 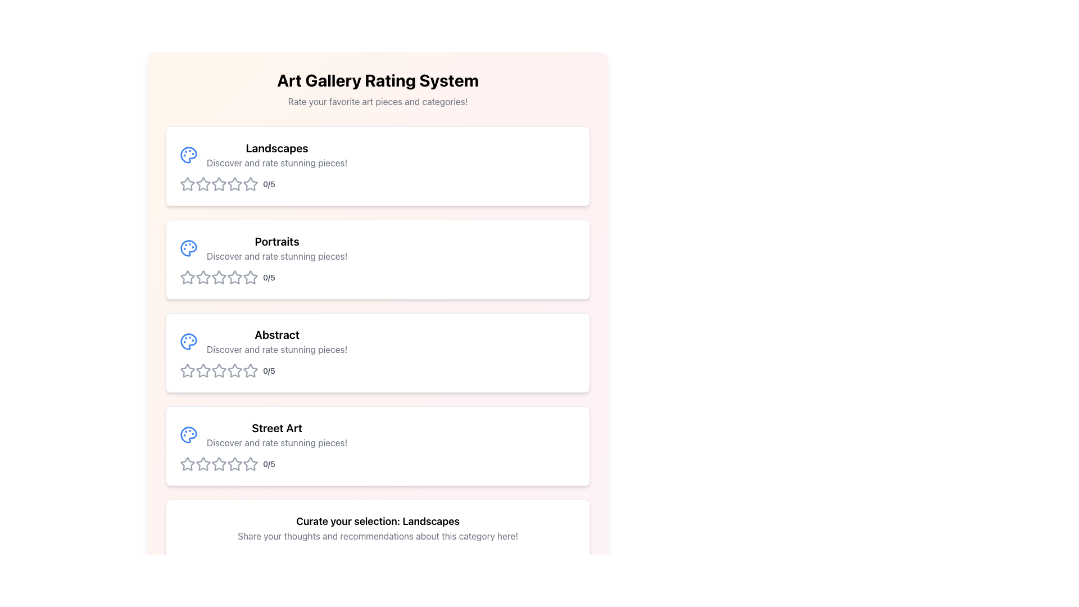 I want to click on the text label displaying the current rating for the 'Street Art' category, located in the bottom-right corner of the section next to the star icons, so click(x=269, y=464).